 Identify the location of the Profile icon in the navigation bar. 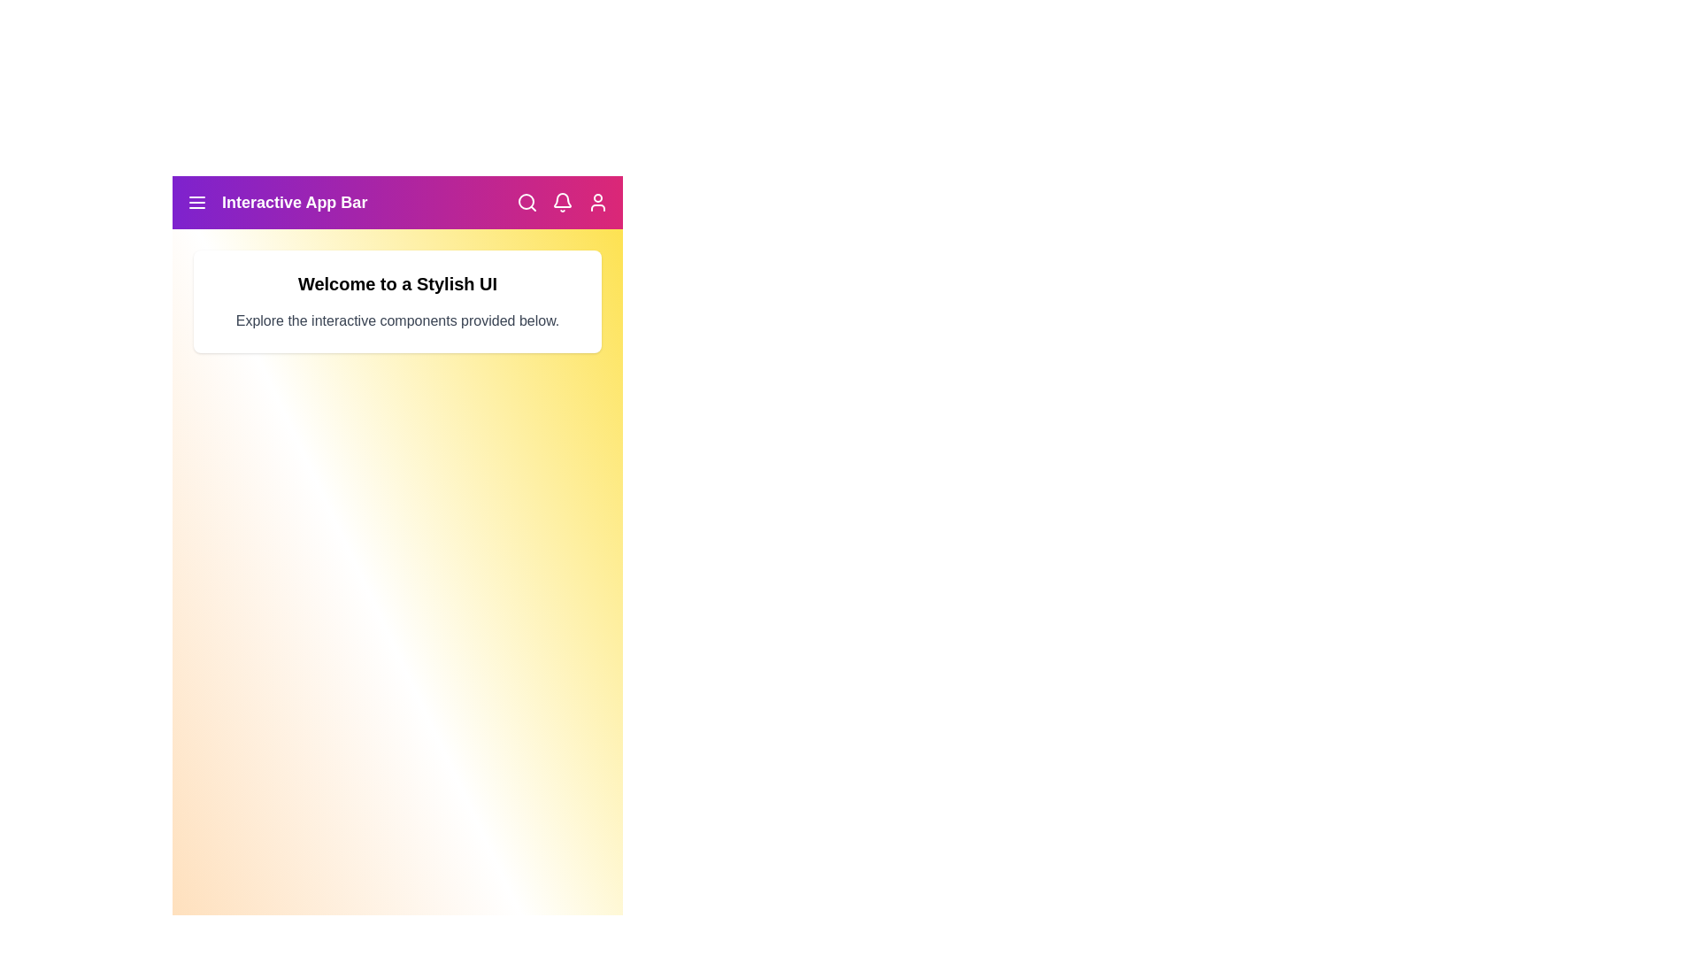
(598, 201).